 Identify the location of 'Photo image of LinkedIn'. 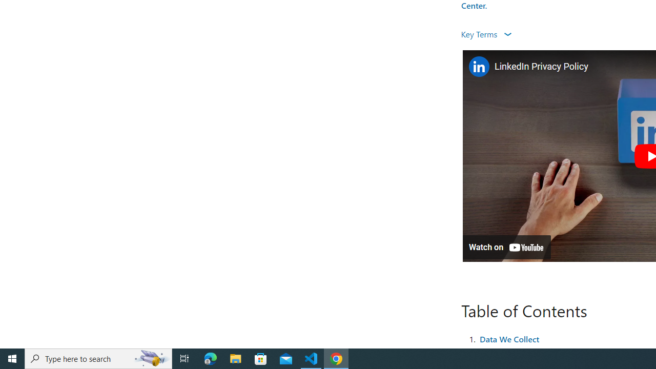
(478, 66).